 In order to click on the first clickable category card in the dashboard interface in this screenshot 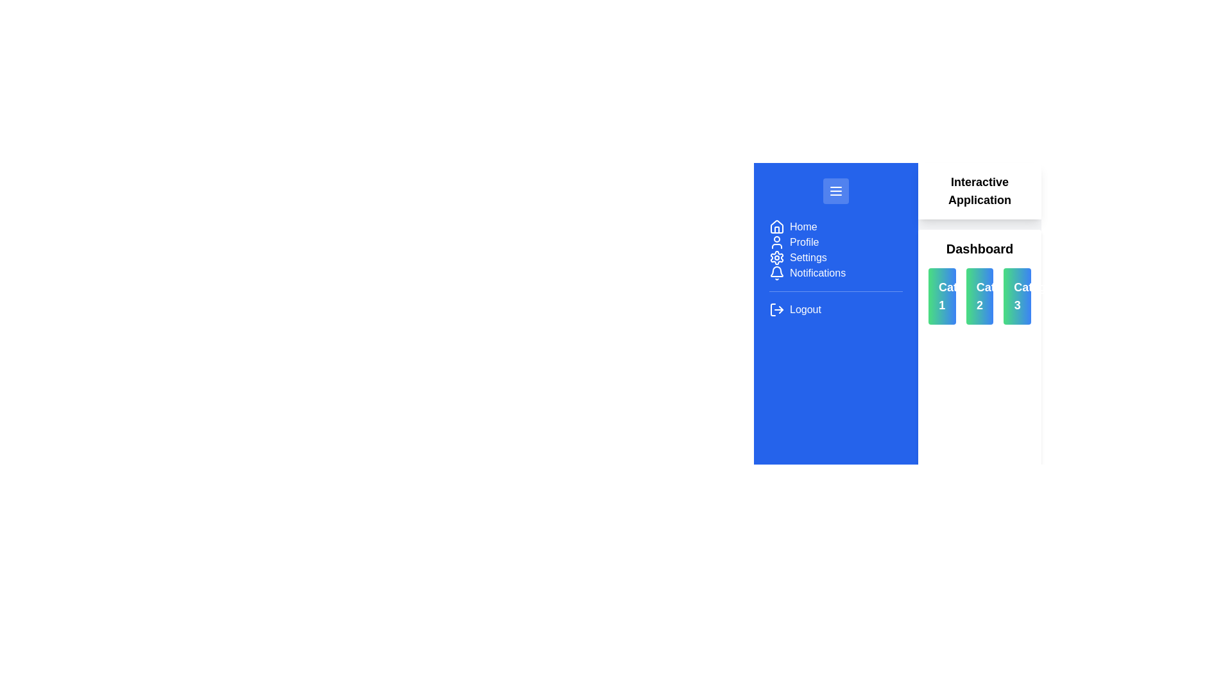, I will do `click(942, 296)`.